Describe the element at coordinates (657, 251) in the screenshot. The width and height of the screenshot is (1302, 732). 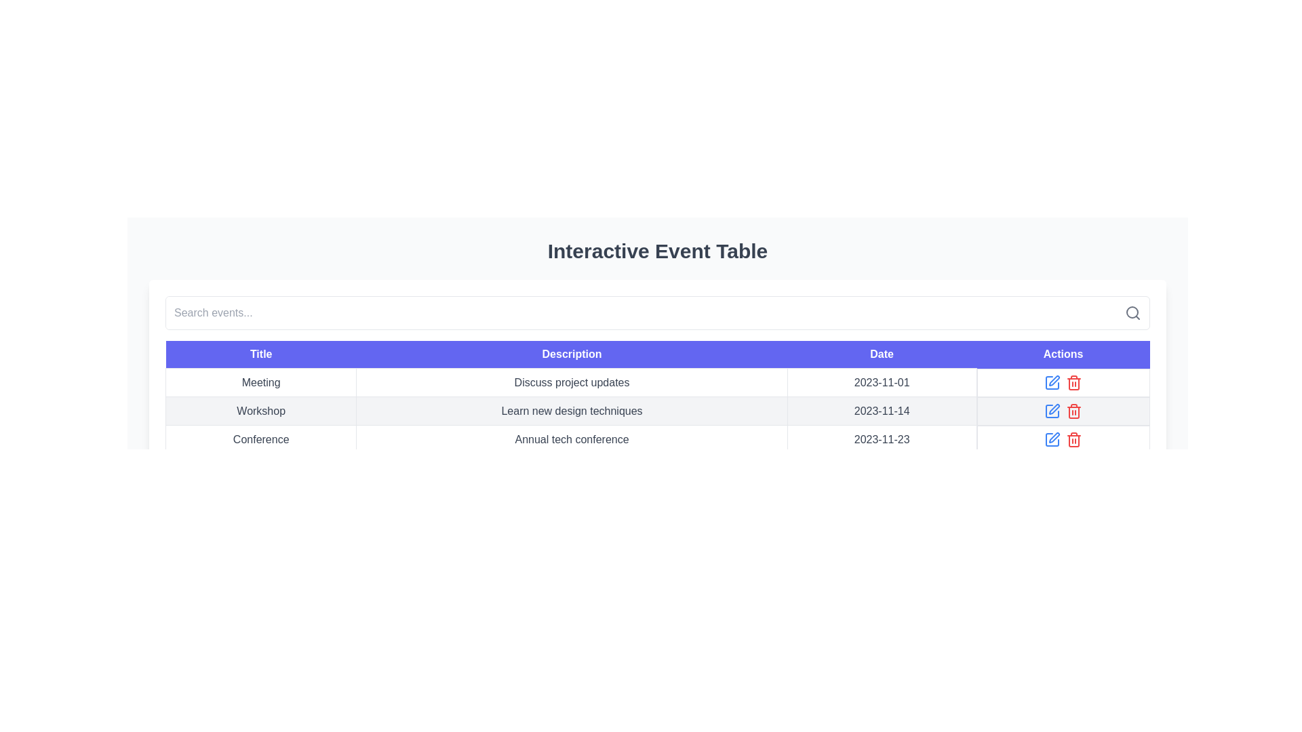
I see `the Text (Header) element that labels and introduces the section containing the interactive event table, located at the top of the layout above other components` at that location.